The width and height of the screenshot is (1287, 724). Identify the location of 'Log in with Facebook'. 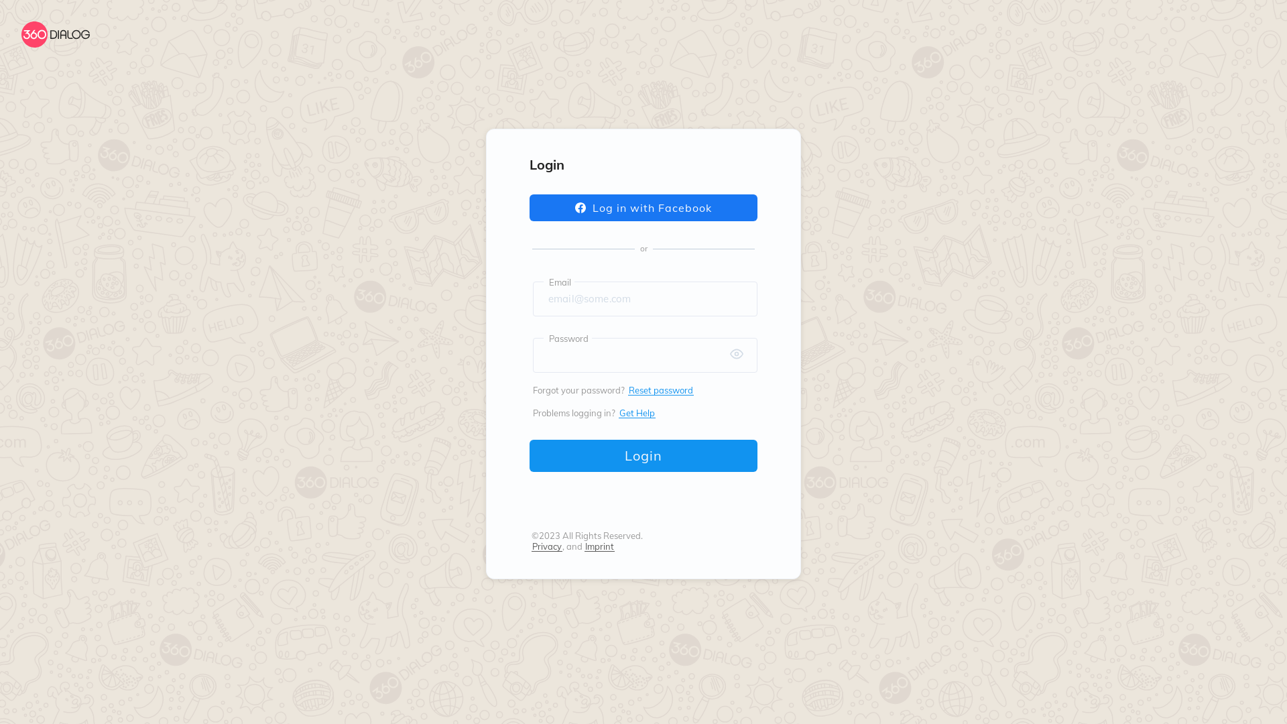
(643, 207).